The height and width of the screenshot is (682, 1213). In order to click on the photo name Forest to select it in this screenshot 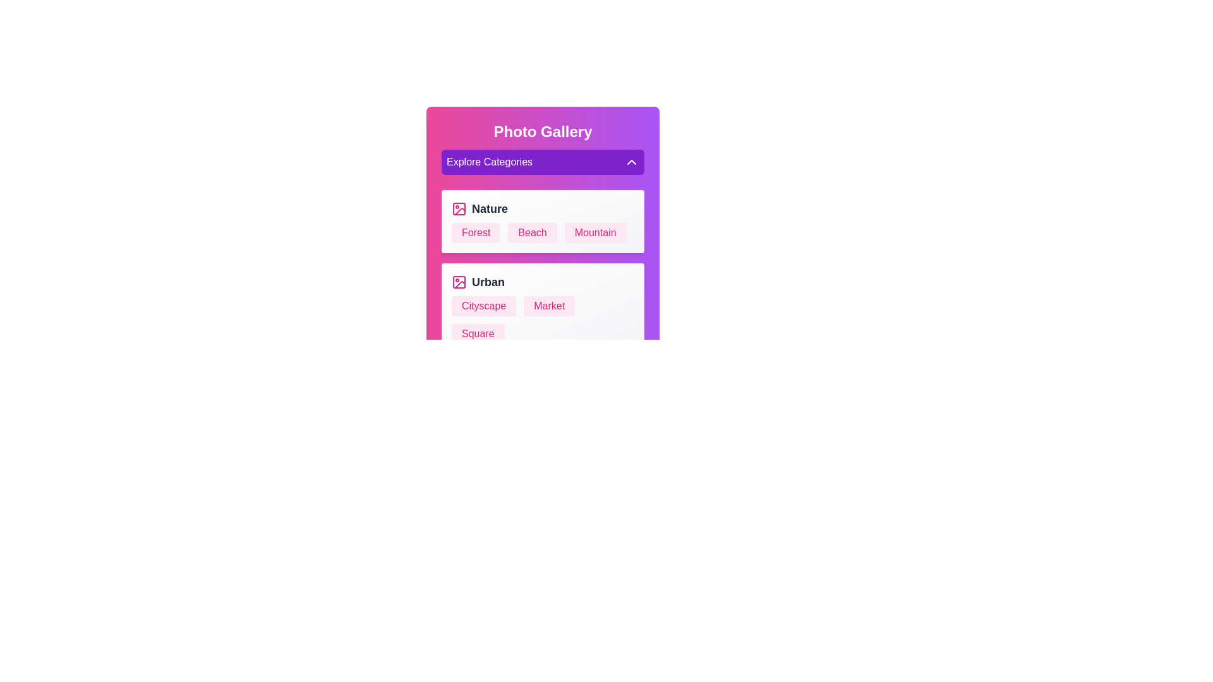, I will do `click(475, 233)`.